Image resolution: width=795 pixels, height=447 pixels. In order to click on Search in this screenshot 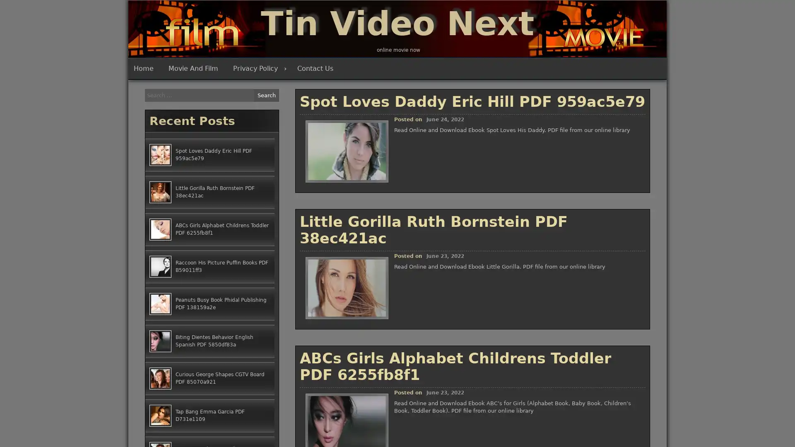, I will do `click(266, 95)`.